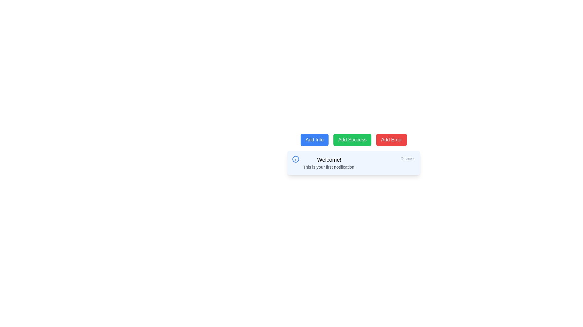  What do you see at coordinates (296, 159) in the screenshot?
I see `the informational icon located at the far left of the notification card` at bounding box center [296, 159].